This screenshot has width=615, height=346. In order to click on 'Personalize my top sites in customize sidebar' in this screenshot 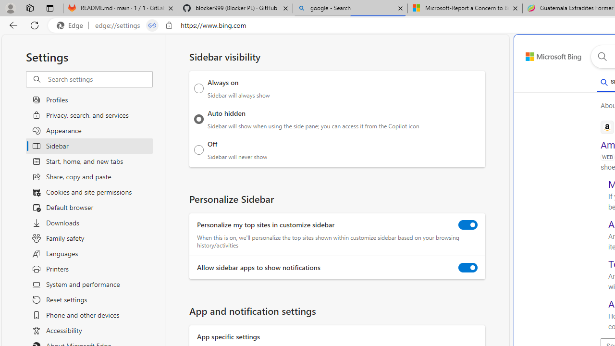, I will do `click(468, 225)`.